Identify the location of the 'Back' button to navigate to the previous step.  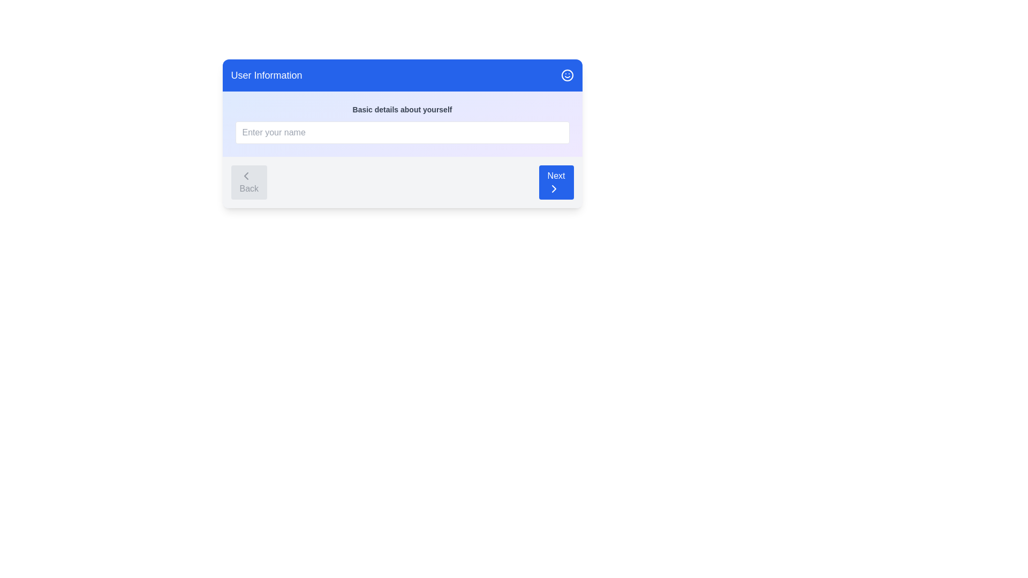
(248, 181).